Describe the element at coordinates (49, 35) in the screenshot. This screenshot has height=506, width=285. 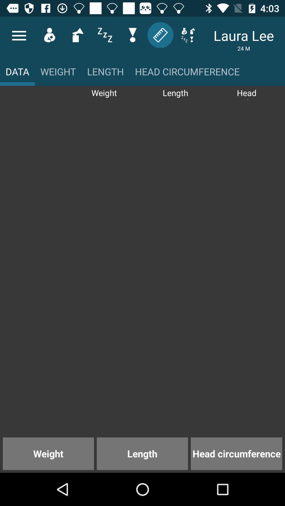
I see `the avatar icon` at that location.